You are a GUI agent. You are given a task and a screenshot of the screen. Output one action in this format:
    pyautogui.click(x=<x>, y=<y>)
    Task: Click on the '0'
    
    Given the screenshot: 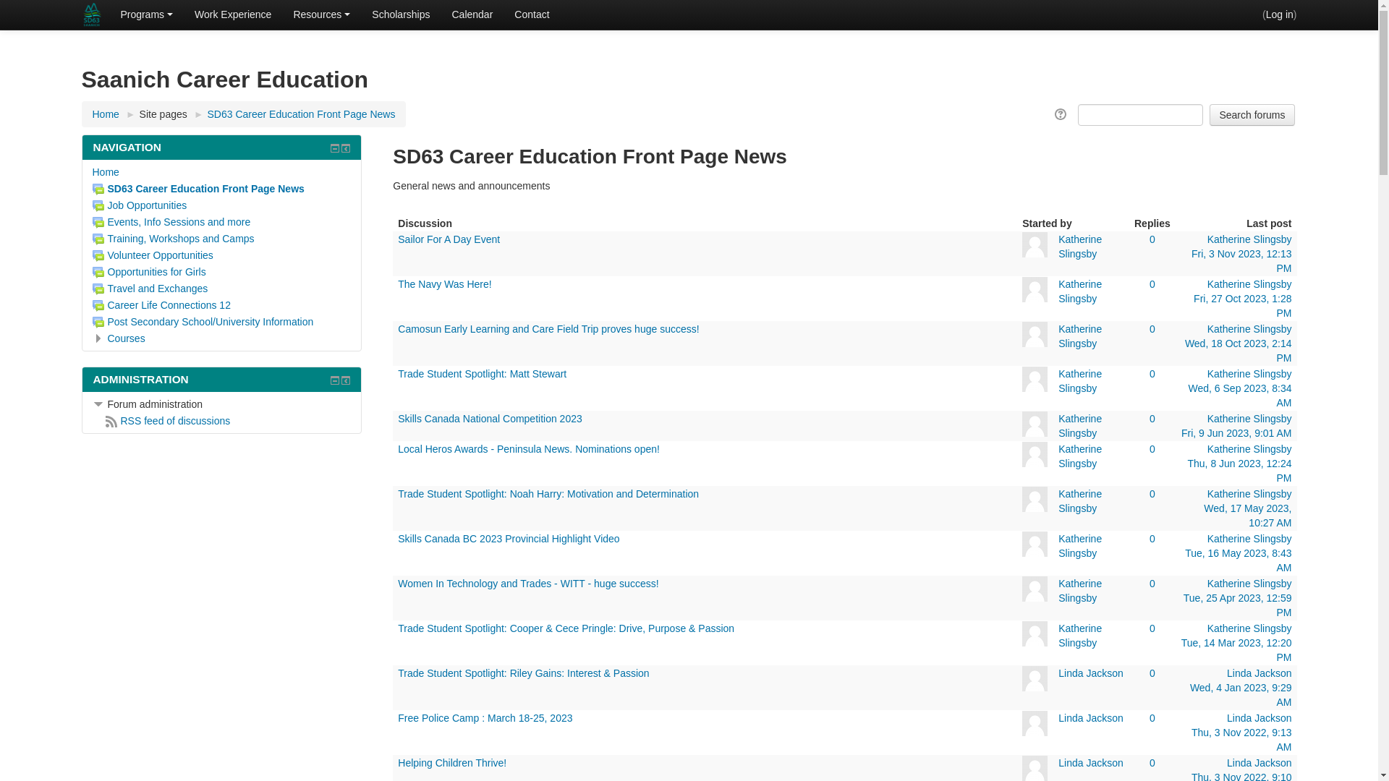 What is the action you would take?
    pyautogui.click(x=1152, y=239)
    